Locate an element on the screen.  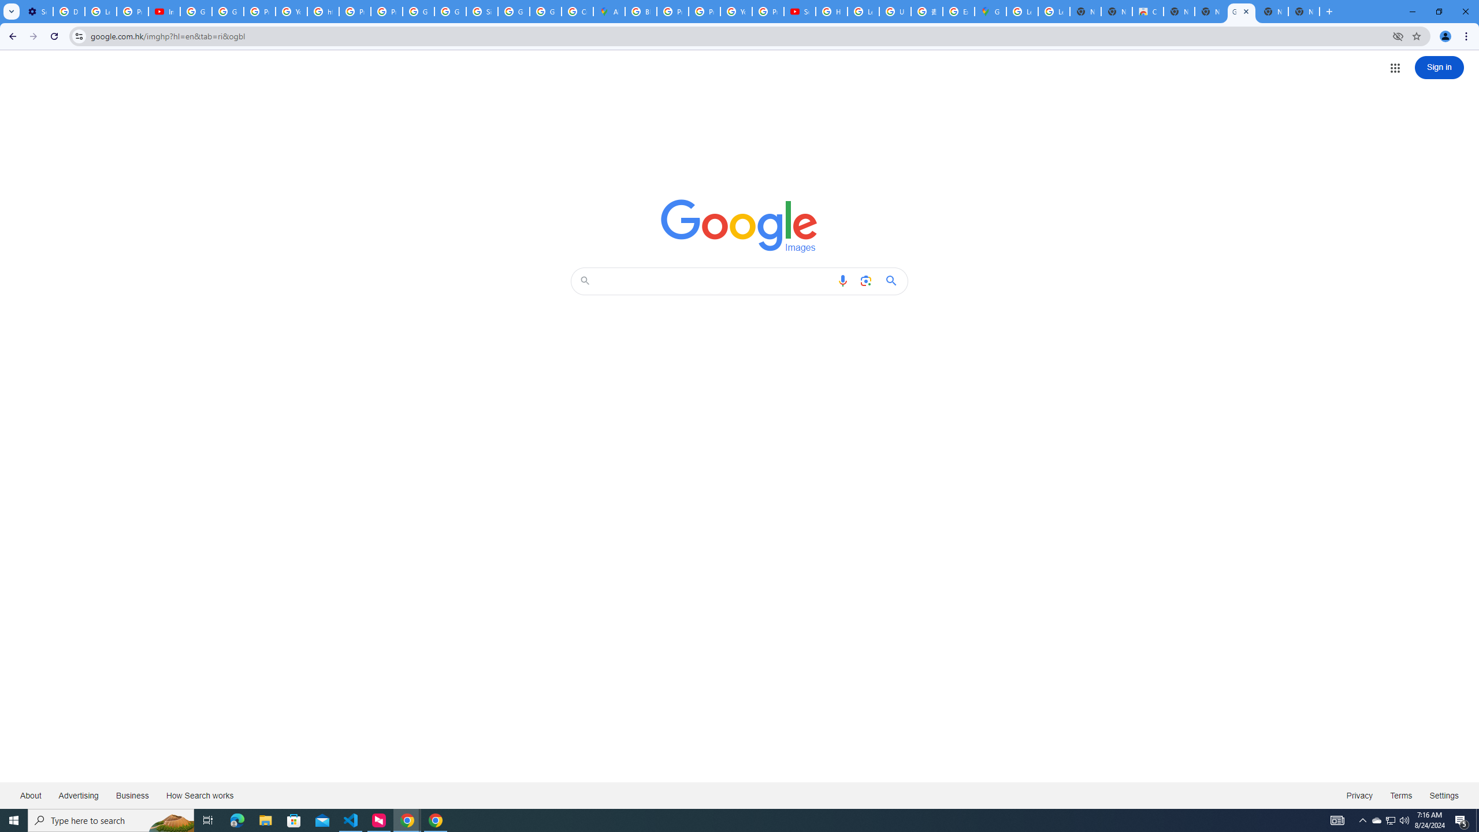
'Google Maps' is located at coordinates (989, 11).